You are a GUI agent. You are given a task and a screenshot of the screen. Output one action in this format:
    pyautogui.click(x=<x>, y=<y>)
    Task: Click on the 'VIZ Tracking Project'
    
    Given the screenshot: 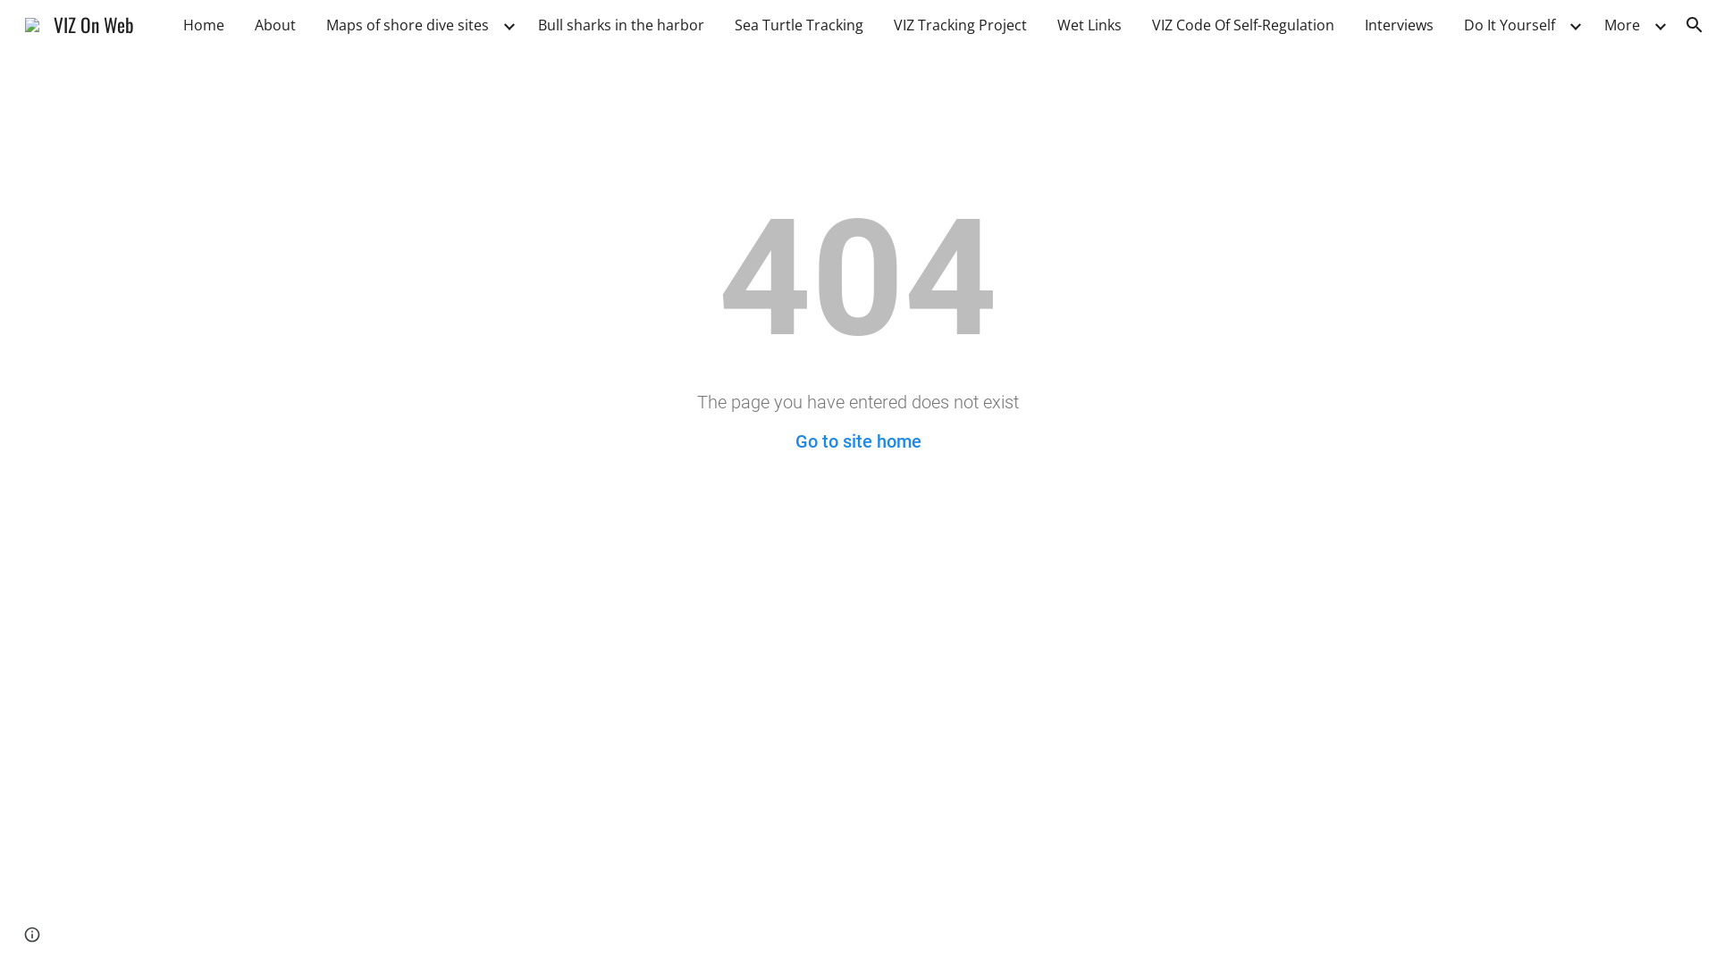 What is the action you would take?
    pyautogui.click(x=959, y=24)
    